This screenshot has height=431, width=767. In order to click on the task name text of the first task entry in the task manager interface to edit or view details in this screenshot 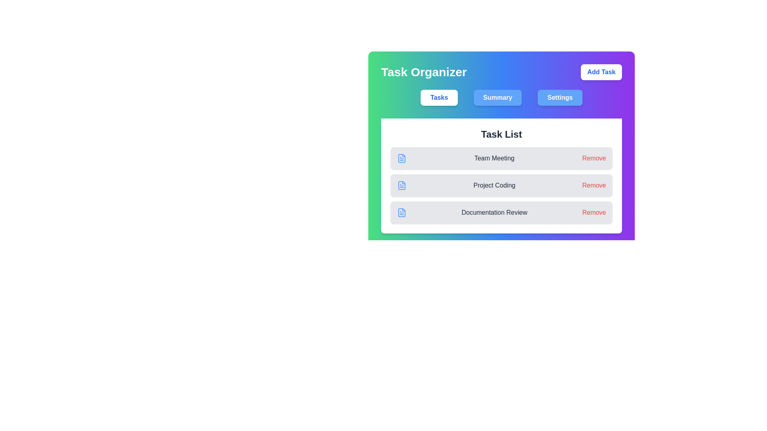, I will do `click(501, 158)`.